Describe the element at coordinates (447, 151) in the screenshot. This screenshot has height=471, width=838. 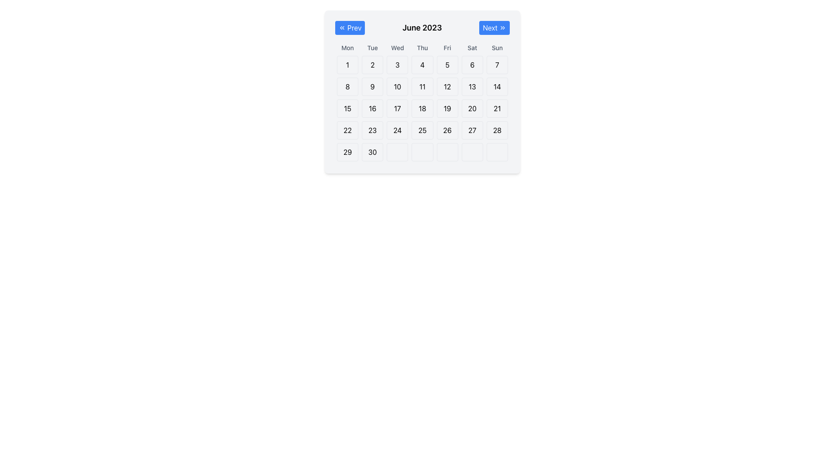
I see `the square-shaped interactive box with a light gray background and rounded corners located` at that location.